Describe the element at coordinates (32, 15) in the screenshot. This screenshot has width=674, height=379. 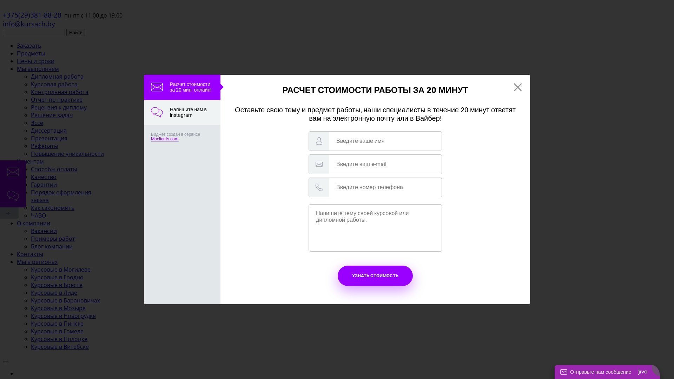
I see `'+375(29)381-88-28'` at that location.